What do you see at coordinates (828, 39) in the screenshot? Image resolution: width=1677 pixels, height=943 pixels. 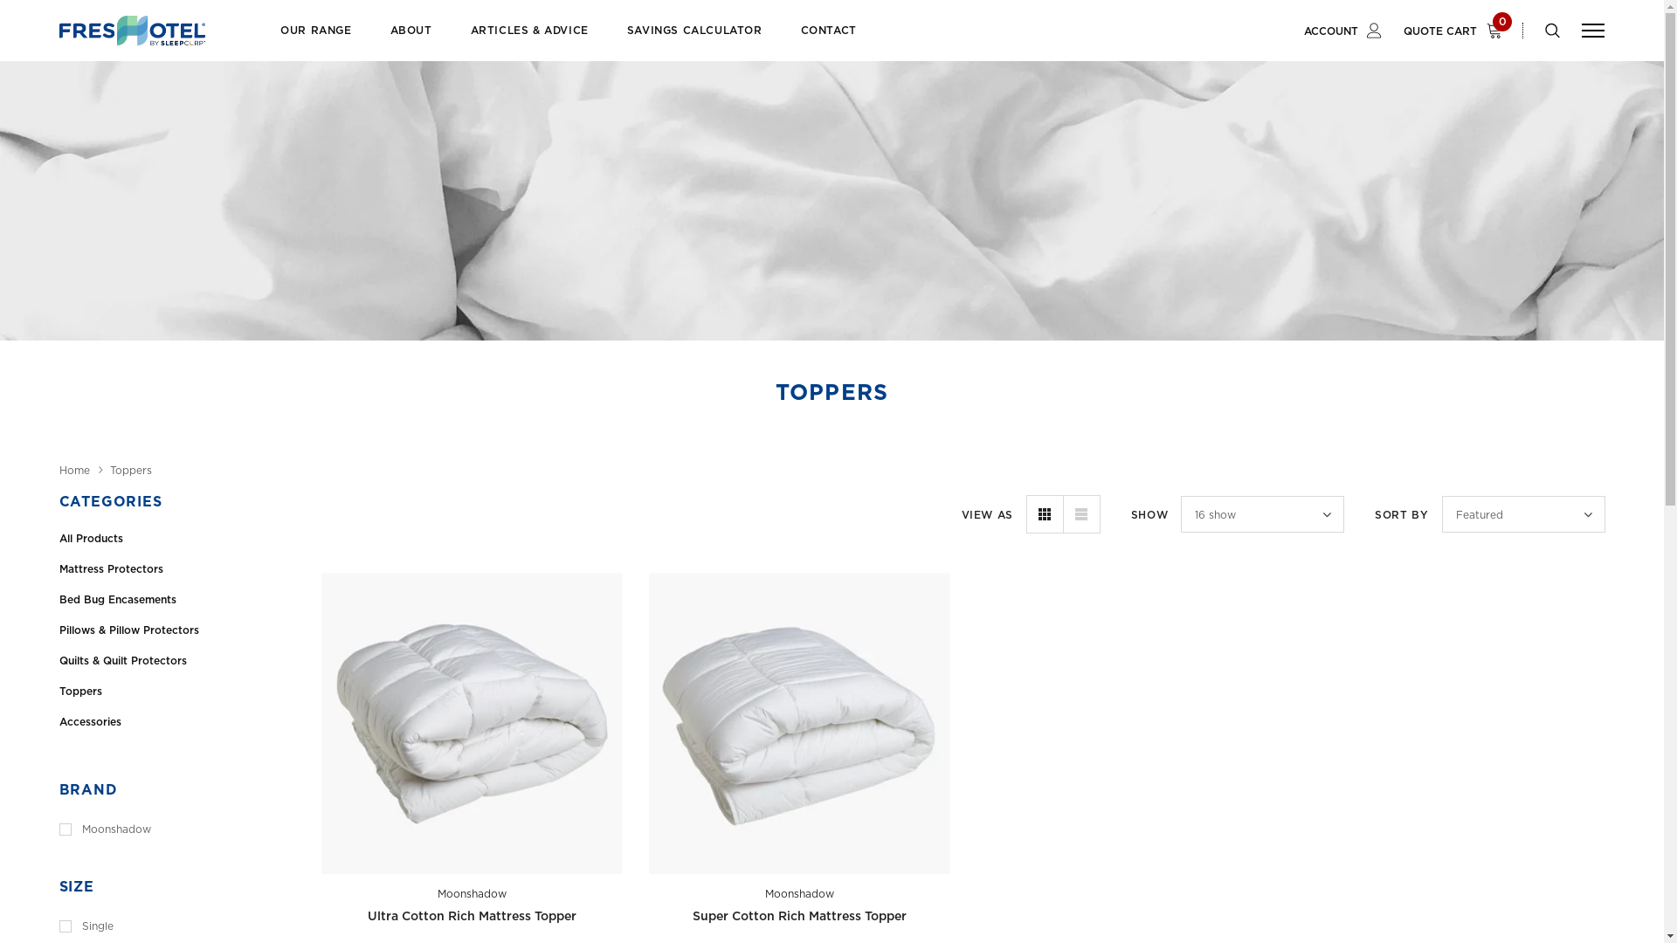 I see `'CONTACT'` at bounding box center [828, 39].